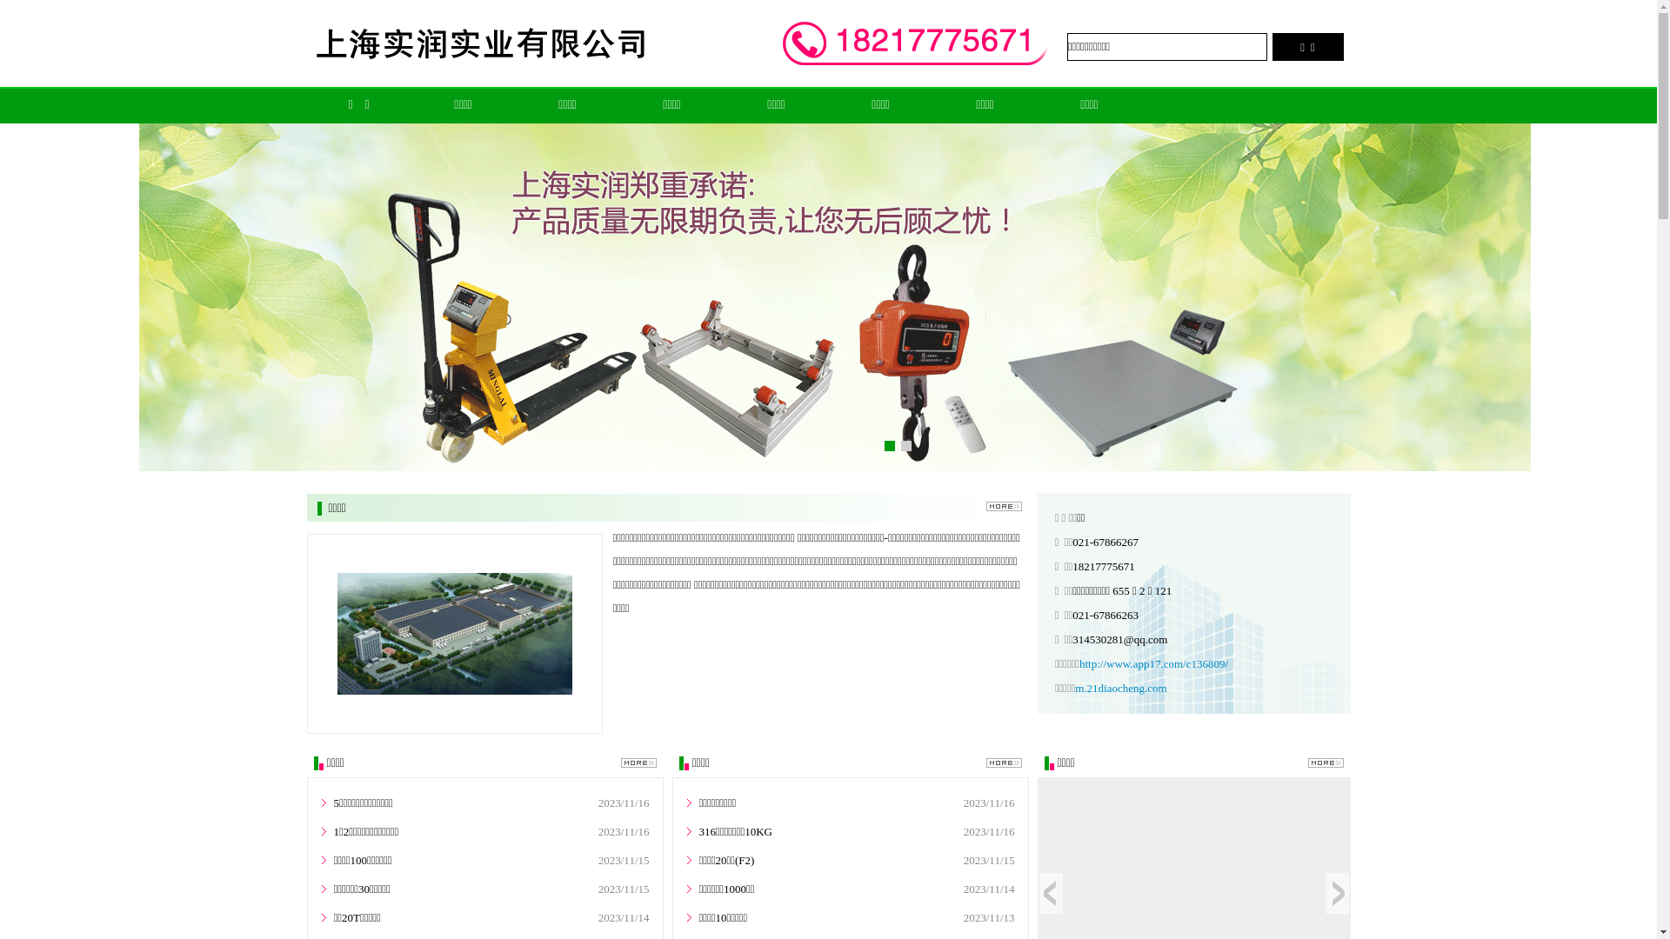 This screenshot has height=939, width=1670. I want to click on 'http://www.app17.com/c136809/', so click(1153, 663).